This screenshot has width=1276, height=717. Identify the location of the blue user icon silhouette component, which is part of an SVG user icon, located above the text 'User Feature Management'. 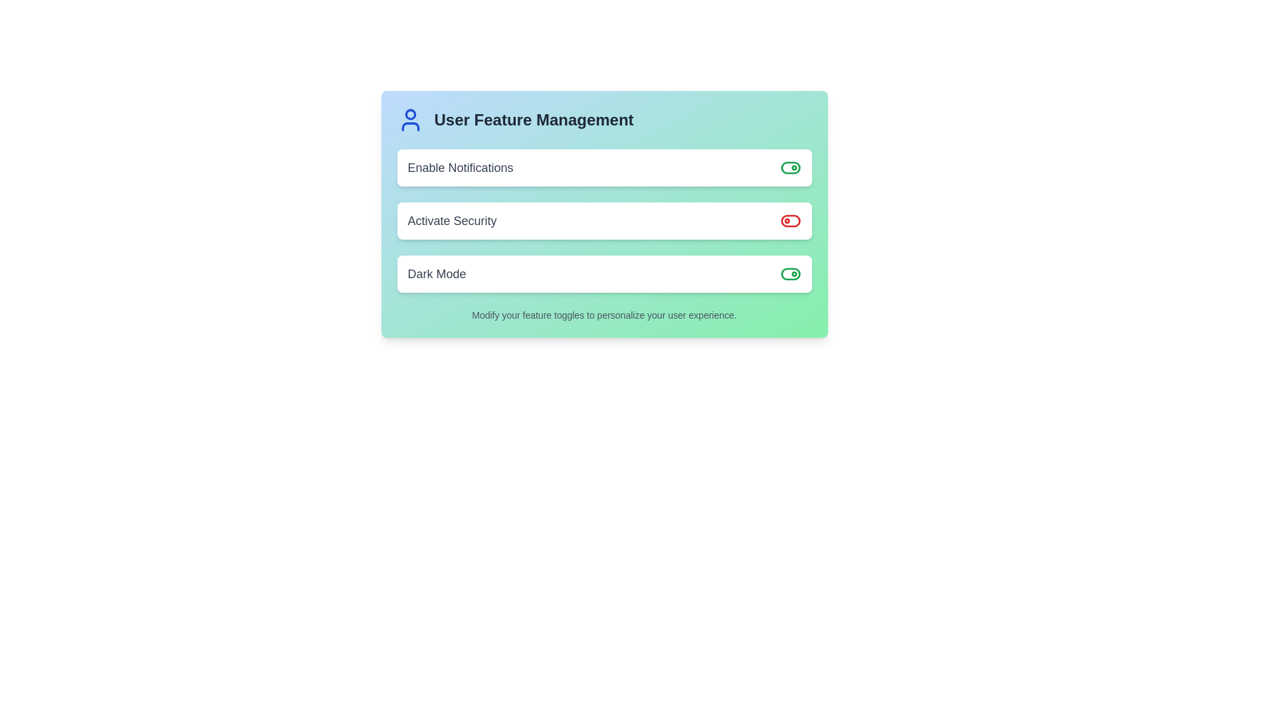
(409, 127).